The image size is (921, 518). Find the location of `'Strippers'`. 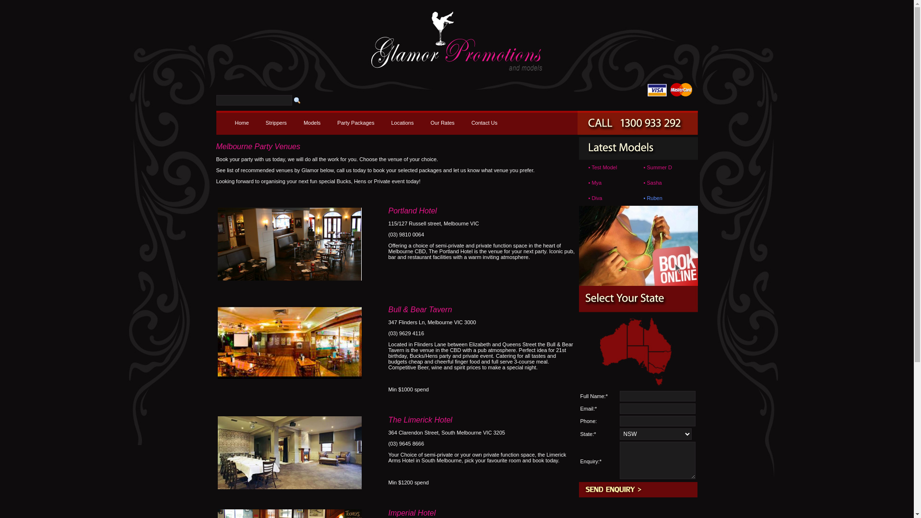

'Strippers' is located at coordinates (260, 122).